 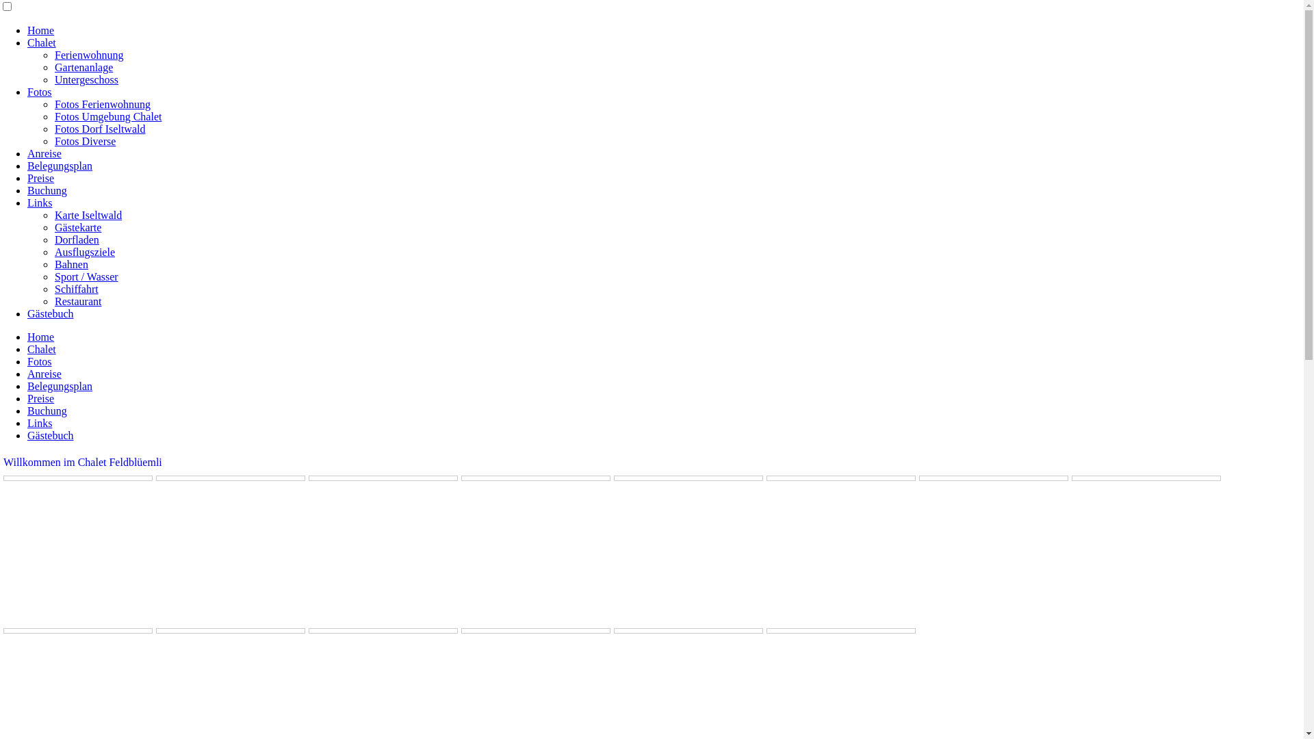 What do you see at coordinates (86, 79) in the screenshot?
I see `'Untergeschoss'` at bounding box center [86, 79].